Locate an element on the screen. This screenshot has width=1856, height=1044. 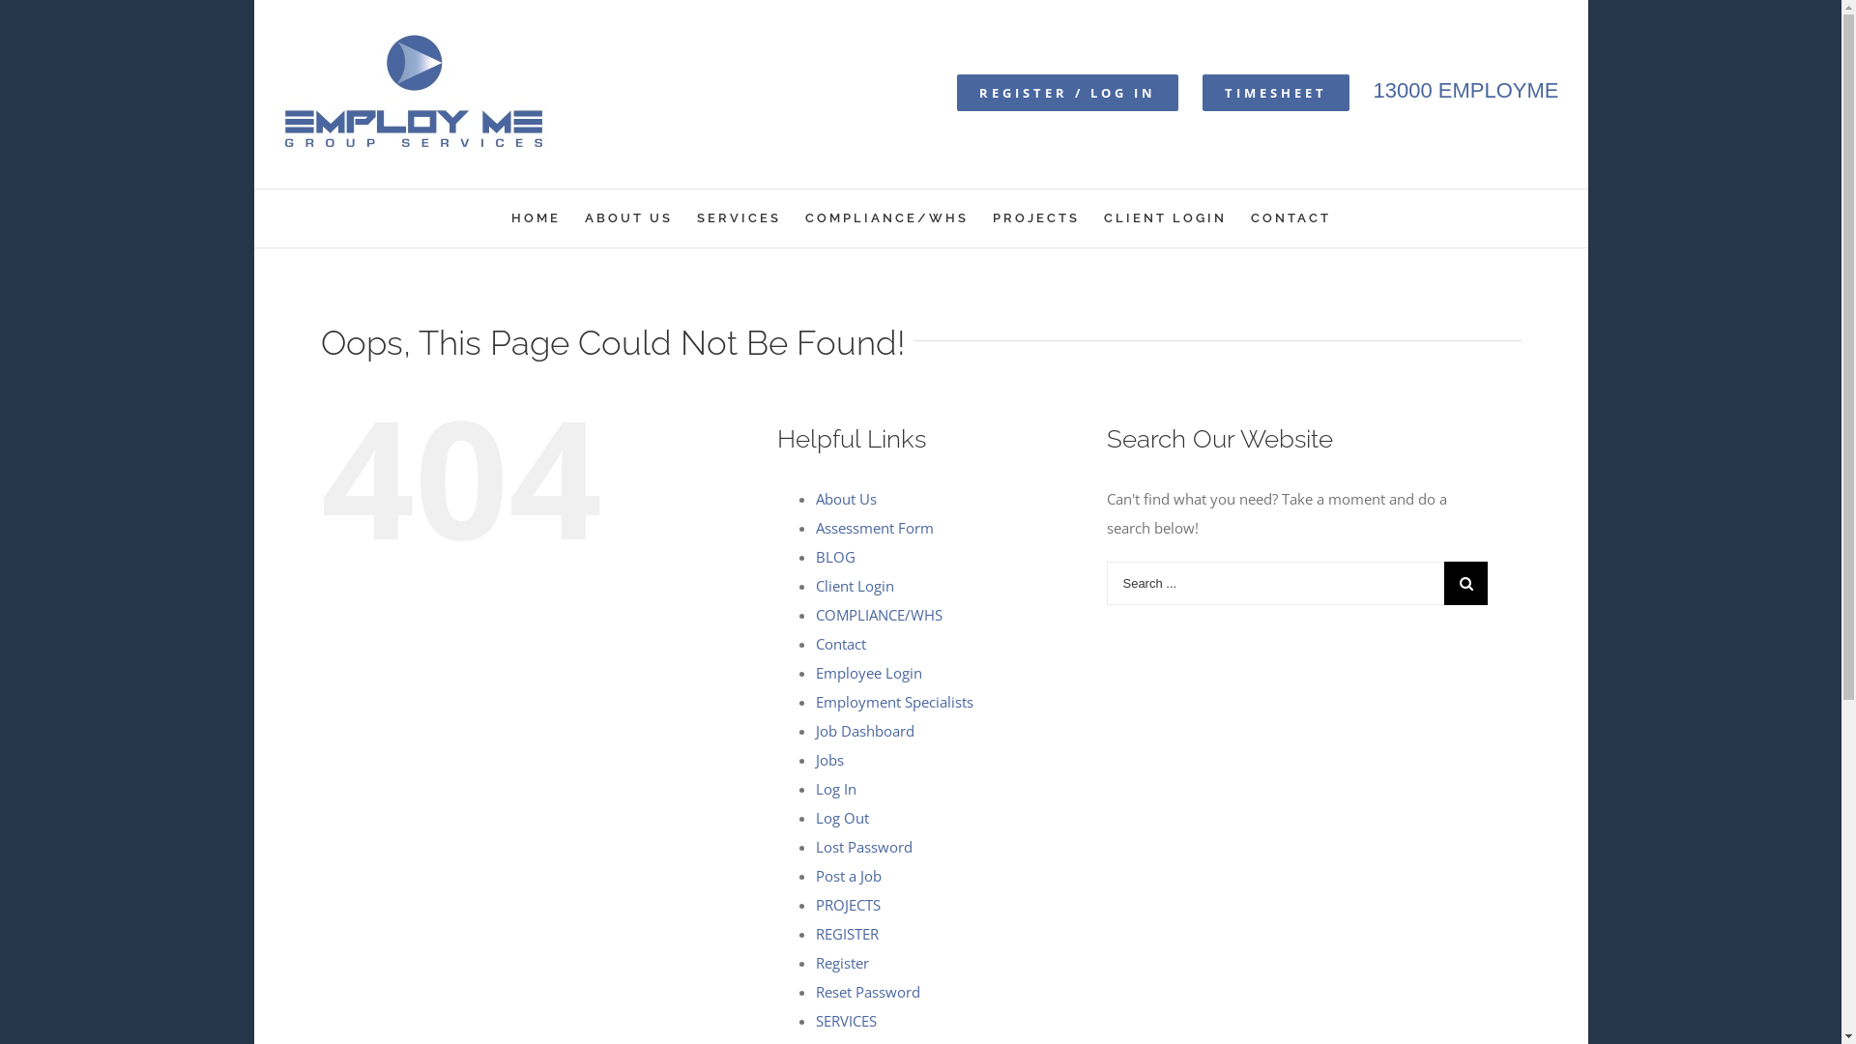
'Jobs' is located at coordinates (816, 759).